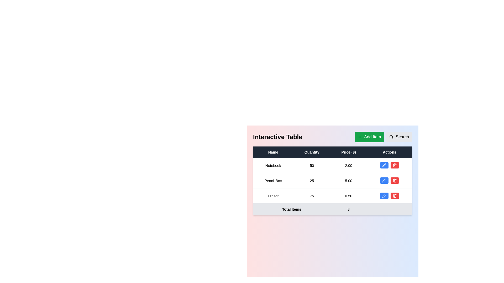  What do you see at coordinates (384, 196) in the screenshot?
I see `the edit icon button located in the 'Actions' column of the last row in the table to trigger a tooltip or visual feedback` at bounding box center [384, 196].